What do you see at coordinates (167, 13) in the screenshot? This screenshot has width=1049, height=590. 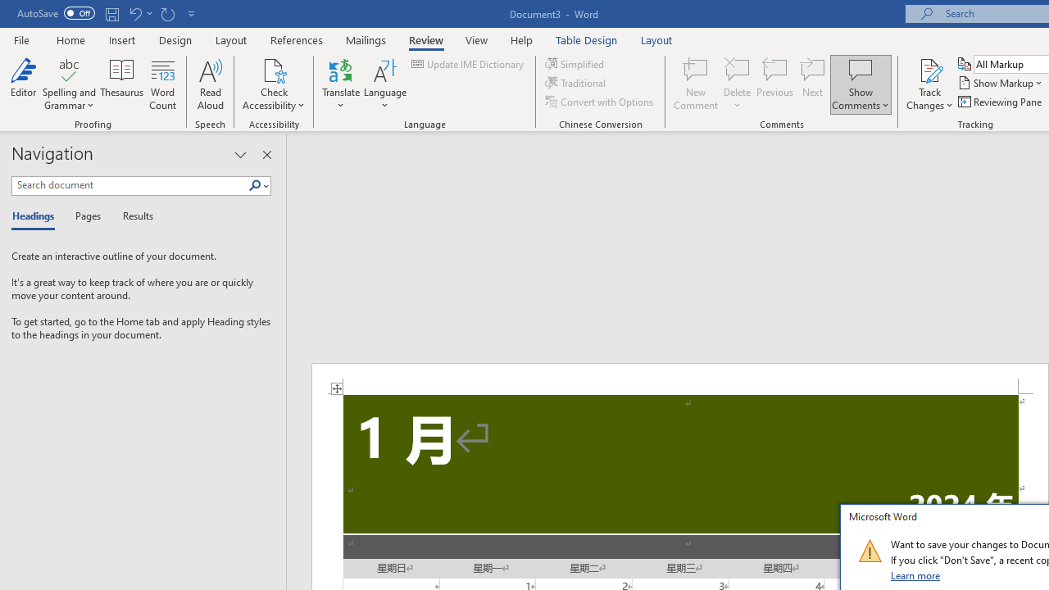 I see `'Repeat Doc Close'` at bounding box center [167, 13].